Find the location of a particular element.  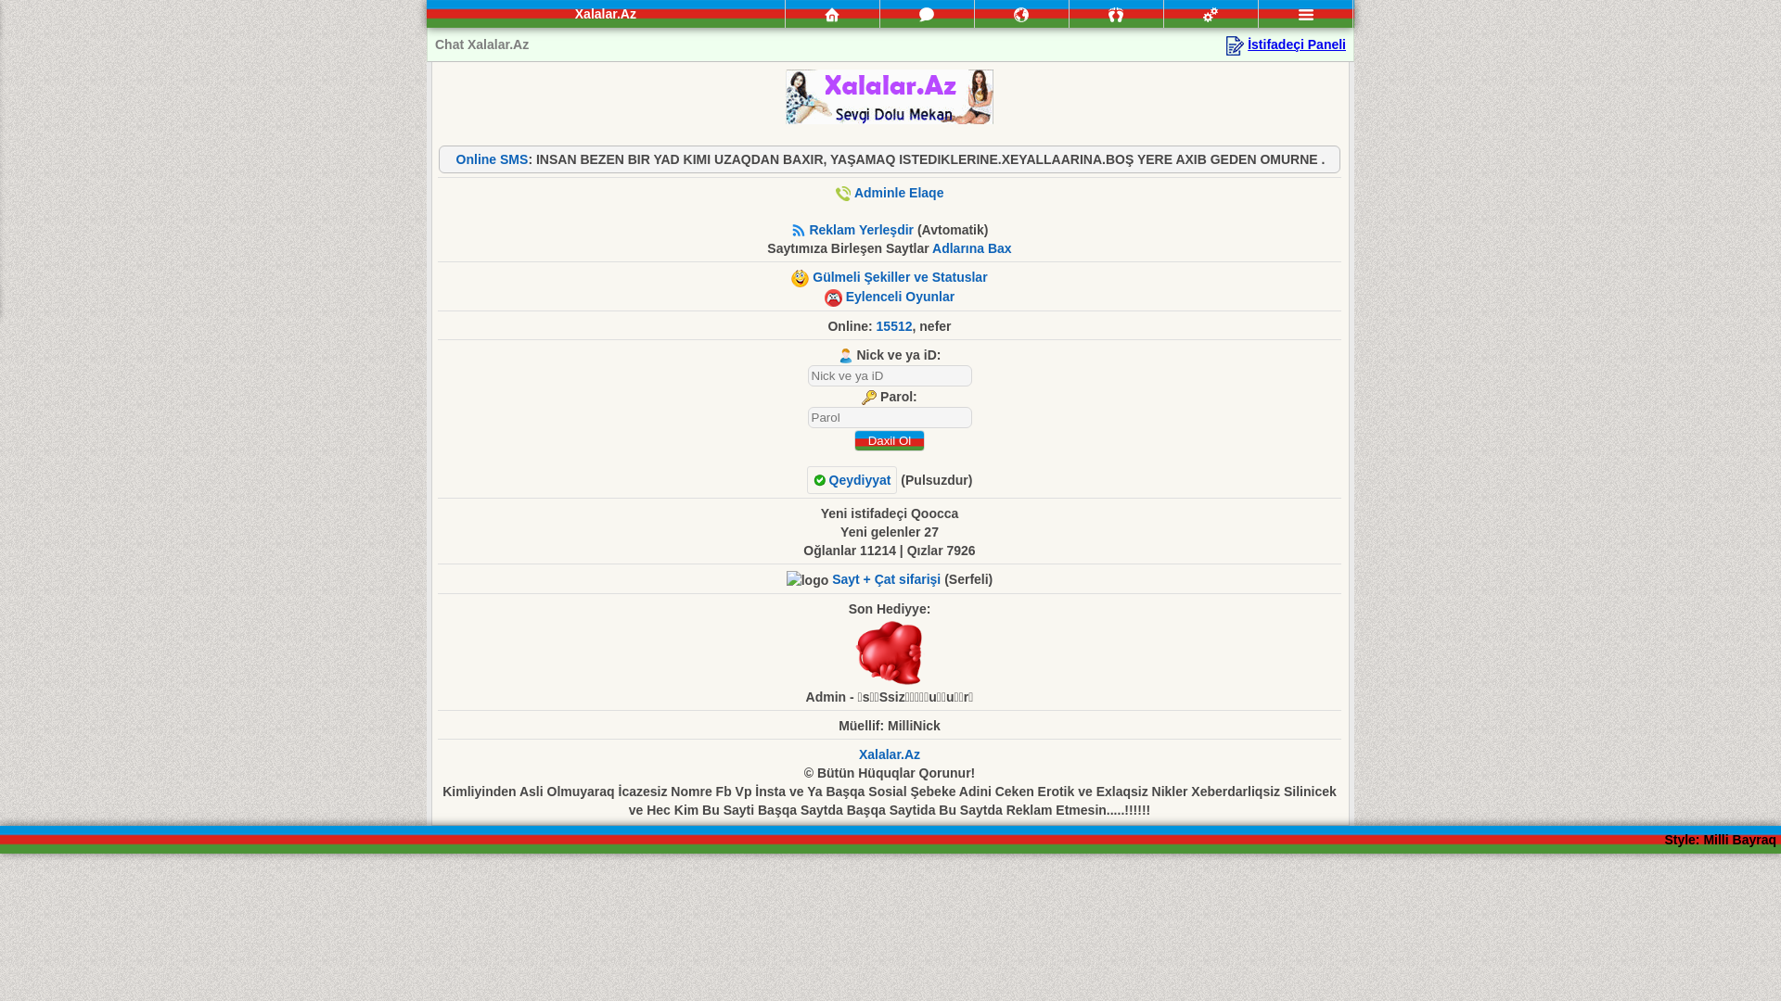

'Daxil Ol' is located at coordinates (853, 440).